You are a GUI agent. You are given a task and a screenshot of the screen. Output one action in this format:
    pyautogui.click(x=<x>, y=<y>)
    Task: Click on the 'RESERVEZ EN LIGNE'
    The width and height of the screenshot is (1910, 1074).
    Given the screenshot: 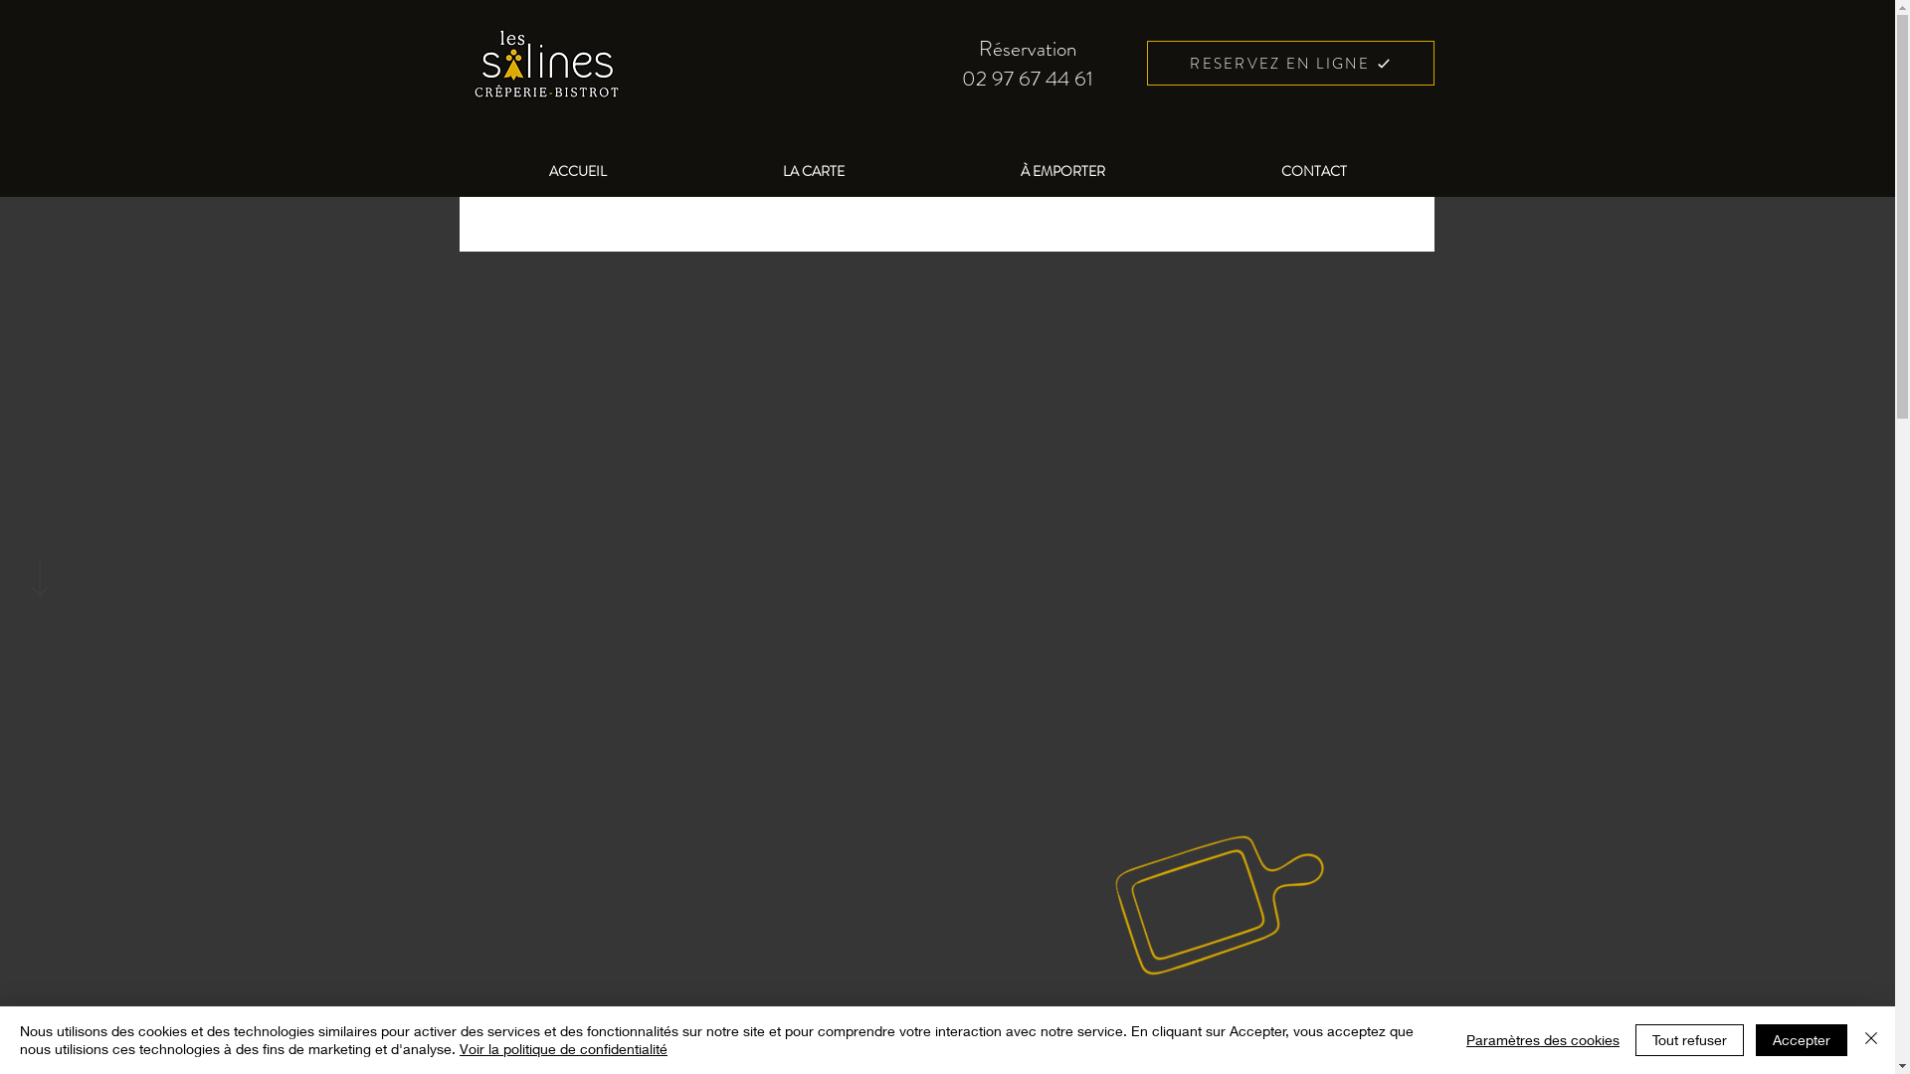 What is the action you would take?
    pyautogui.click(x=1289, y=62)
    